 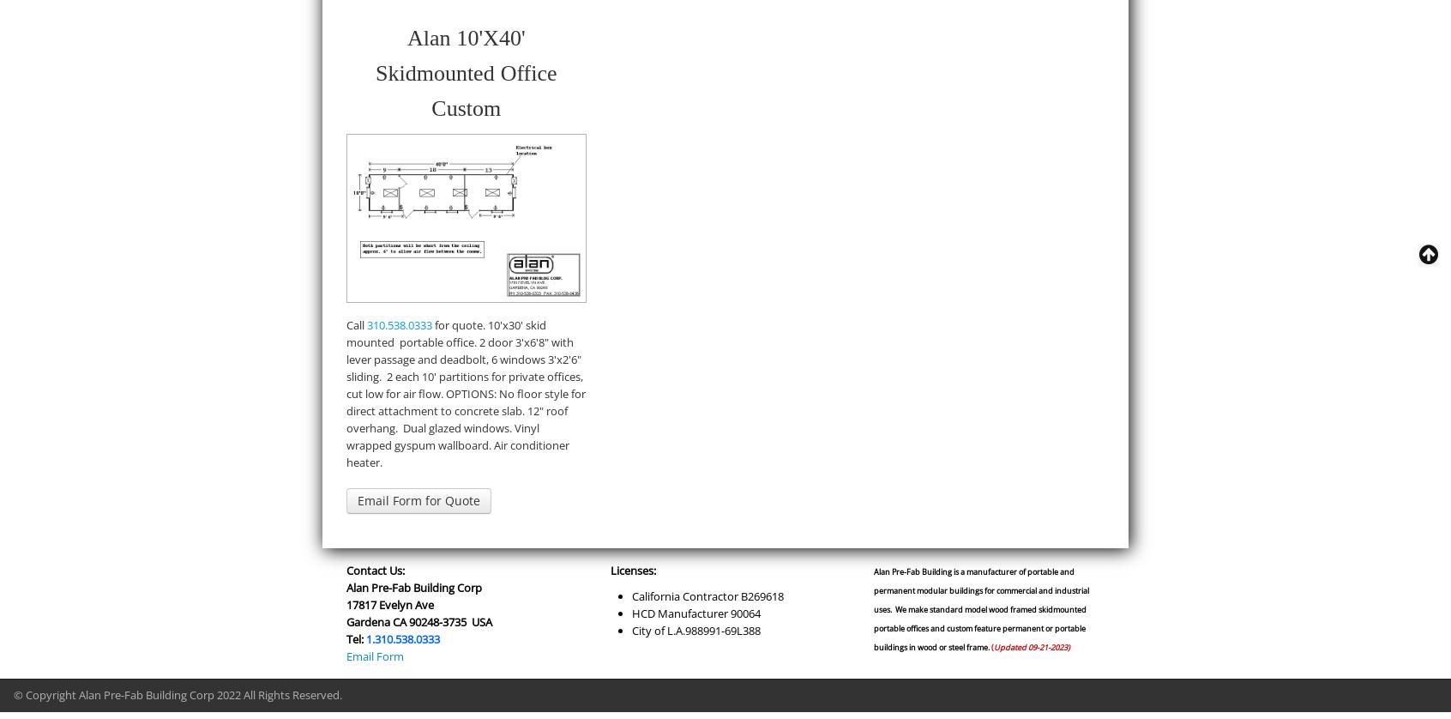 I want to click on 'HCD Manufacturer 90064', so click(x=695, y=611).